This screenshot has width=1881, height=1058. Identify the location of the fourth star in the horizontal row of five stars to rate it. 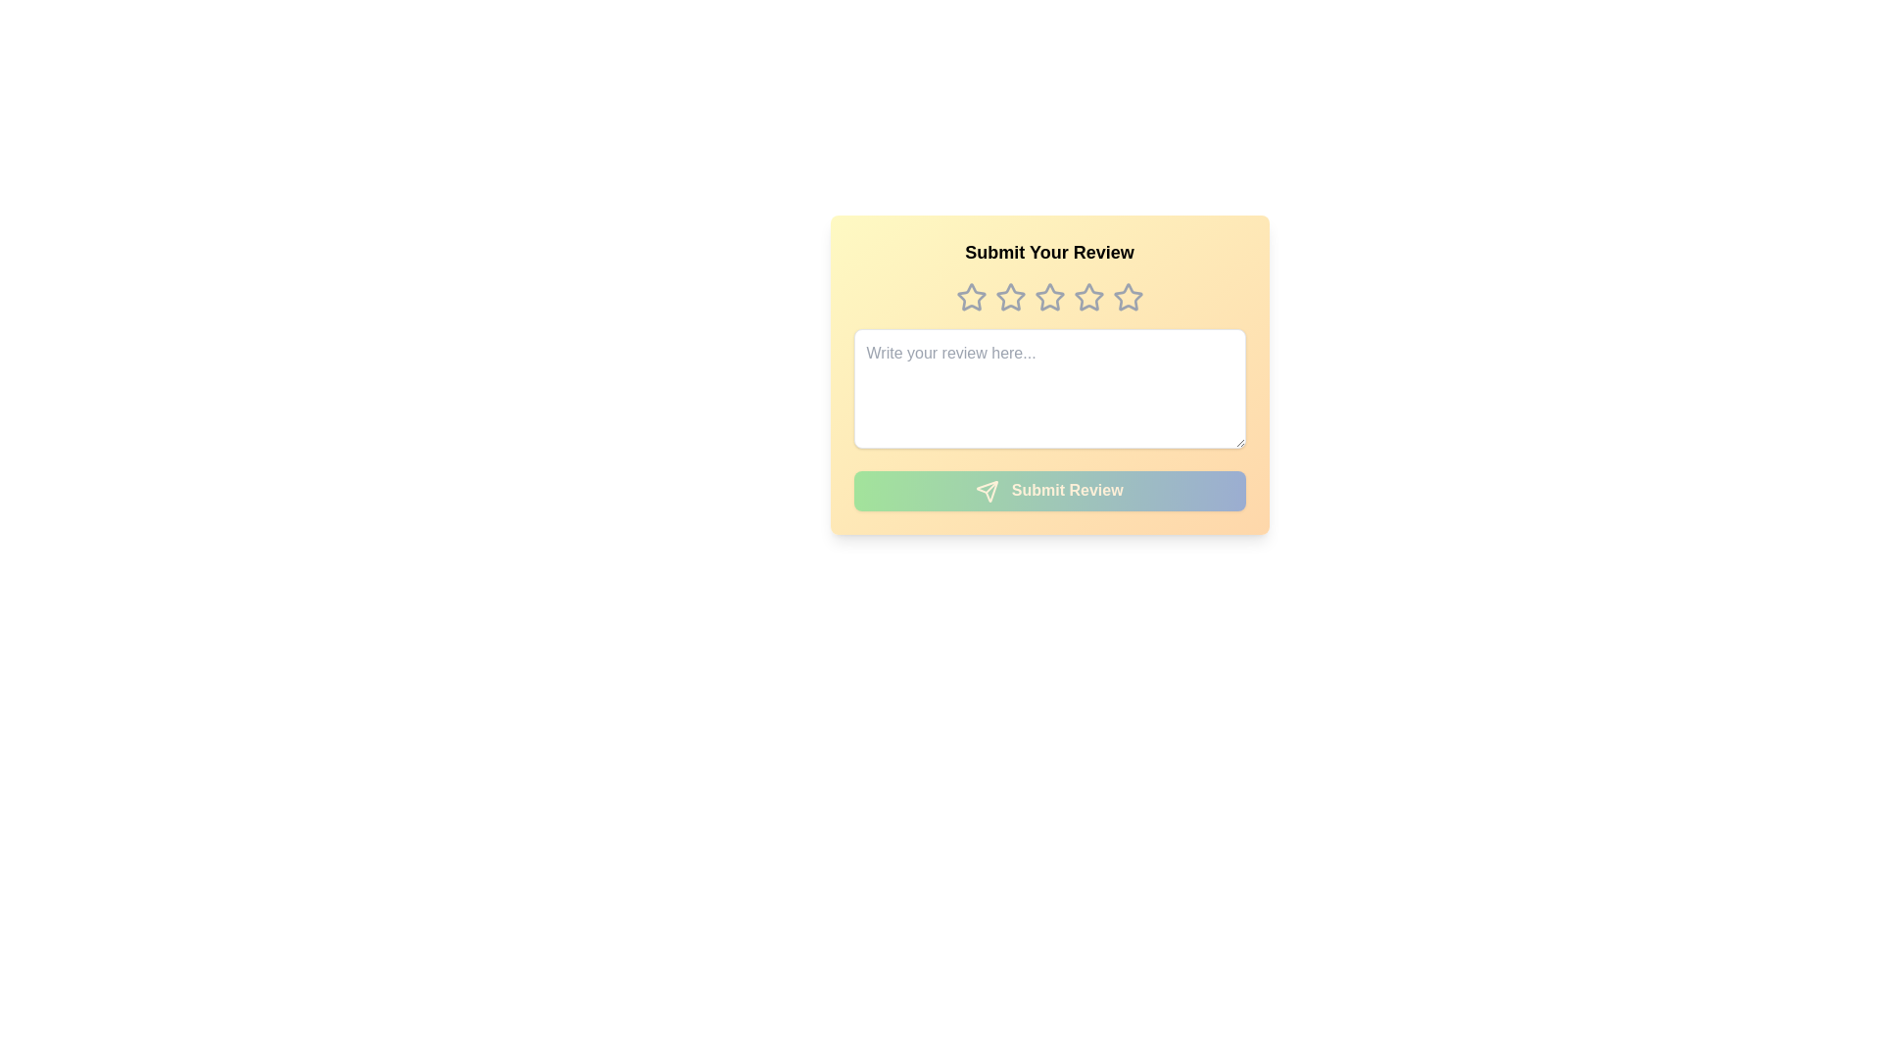
(1087, 298).